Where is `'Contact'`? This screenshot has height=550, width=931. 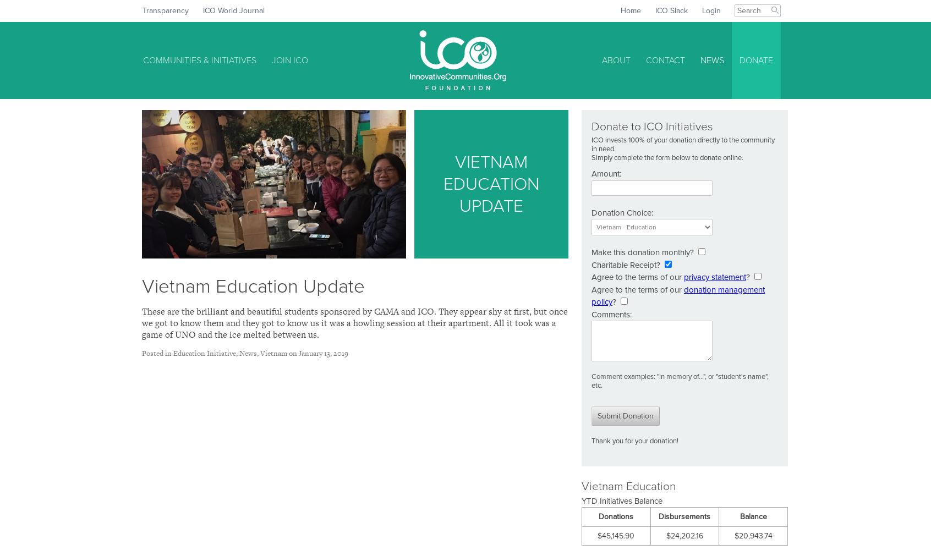 'Contact' is located at coordinates (665, 60).